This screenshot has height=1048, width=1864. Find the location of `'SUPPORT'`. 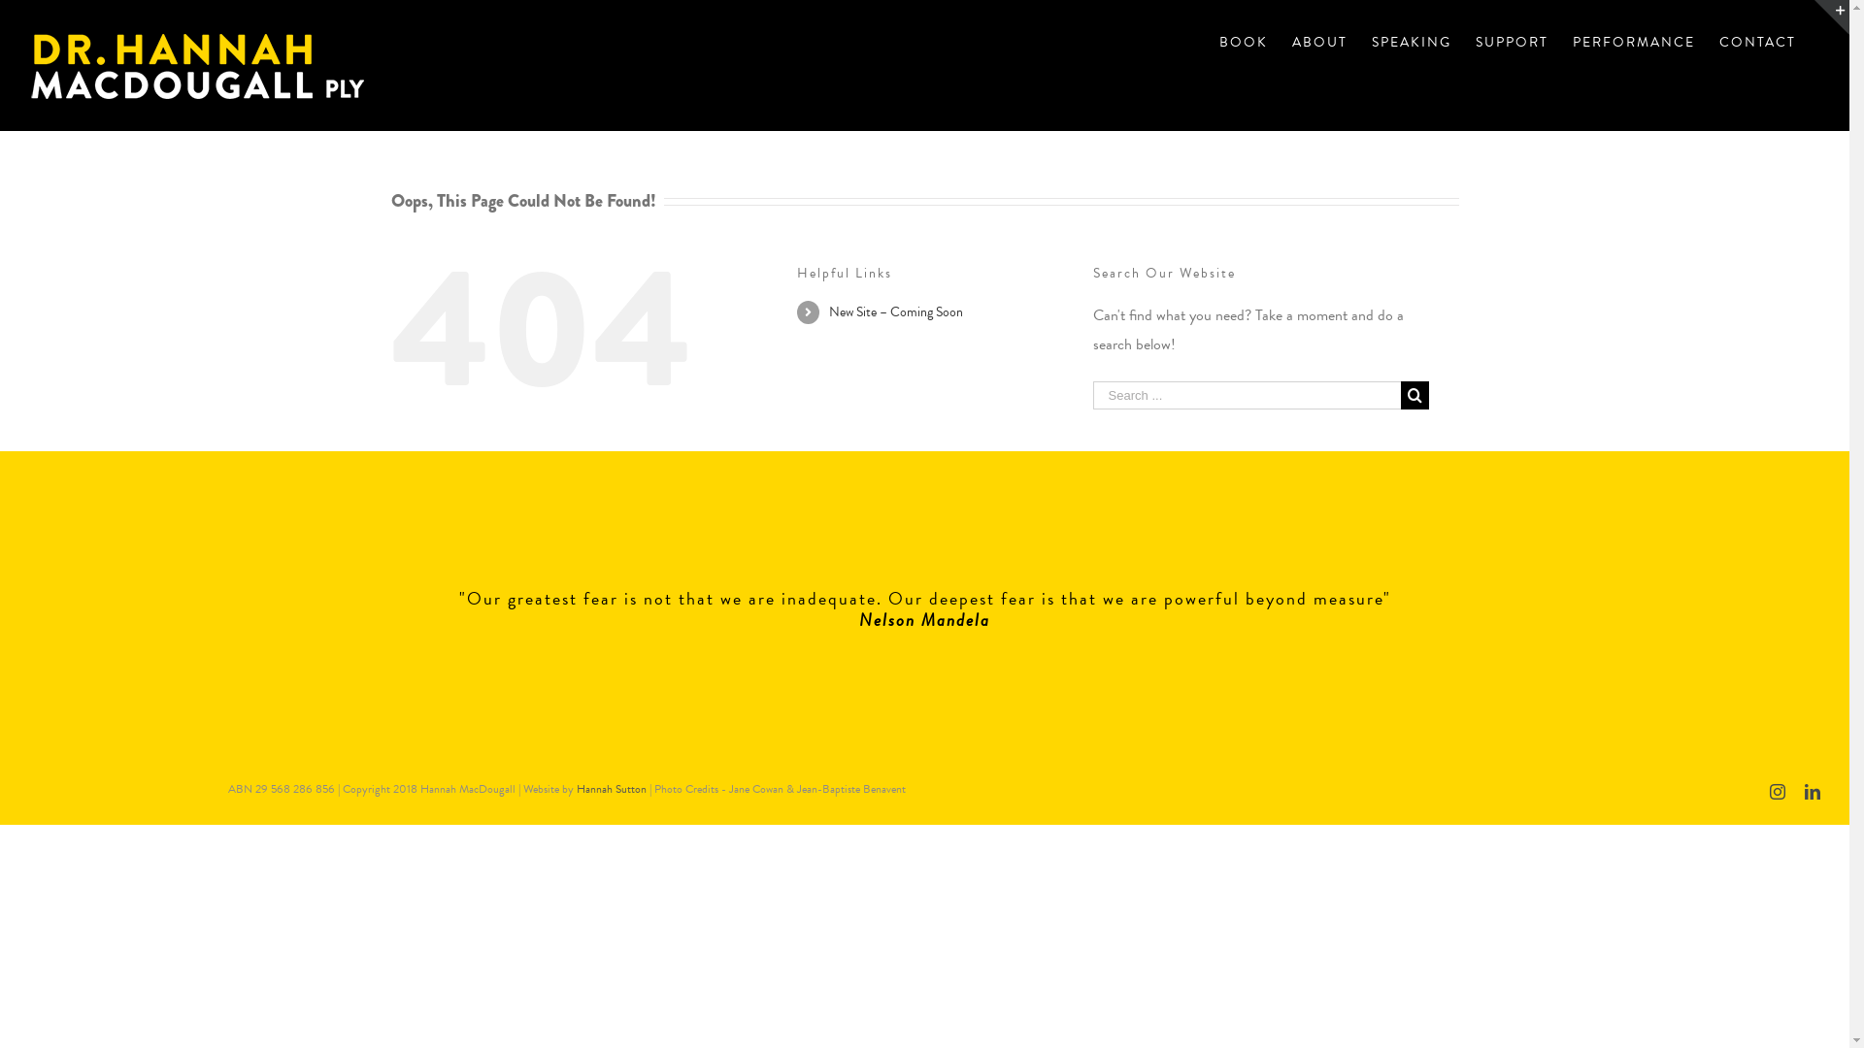

'SUPPORT' is located at coordinates (1511, 41).